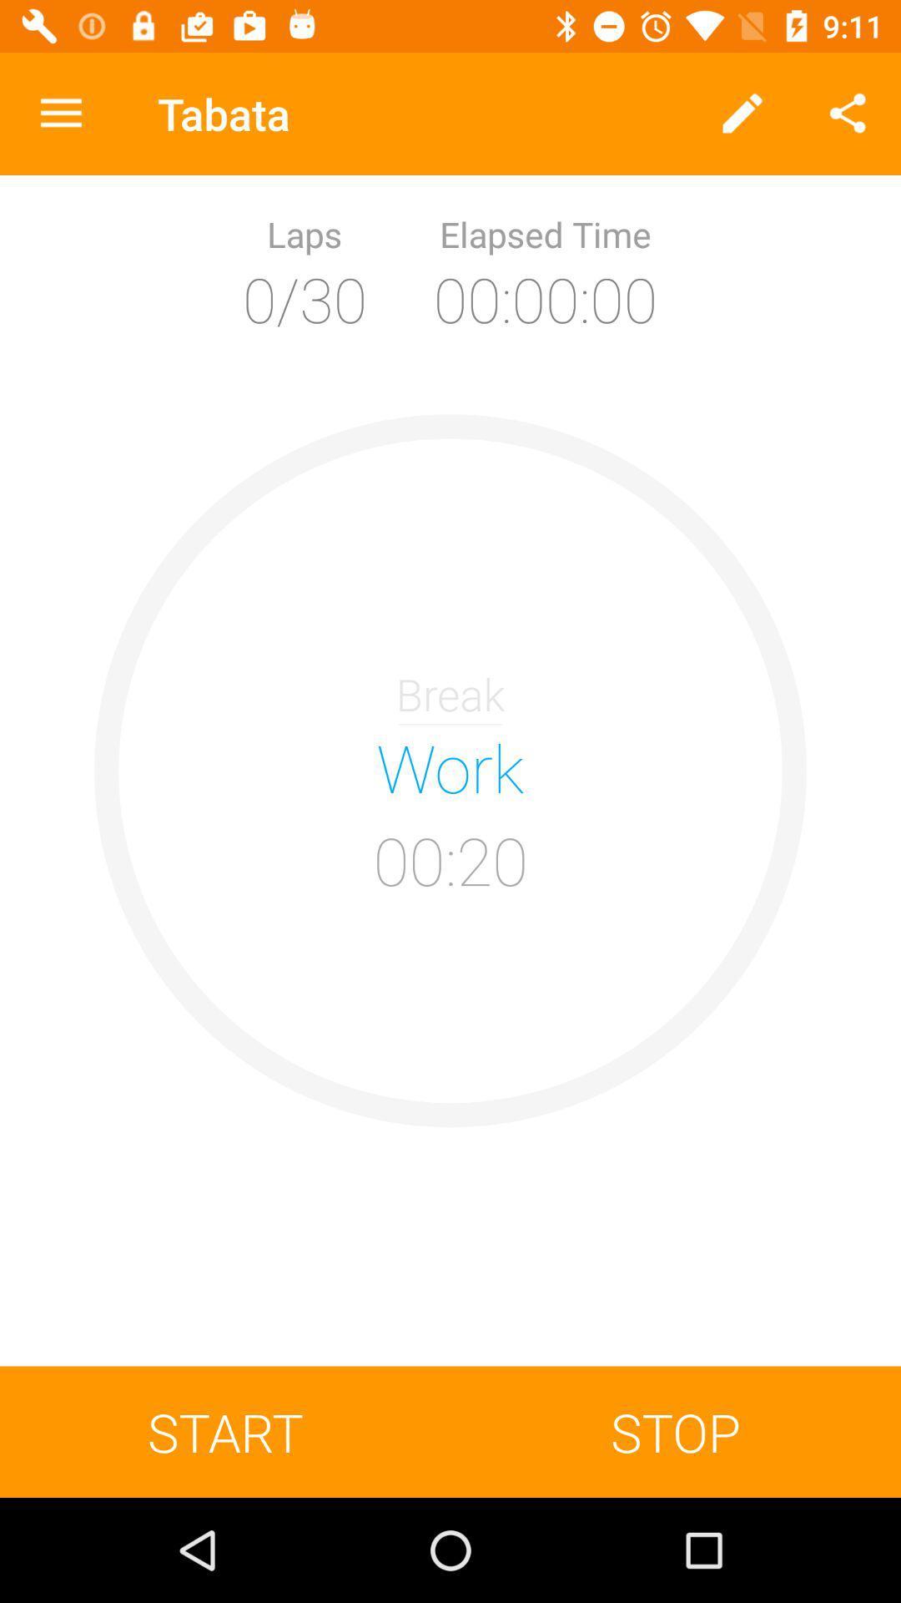 This screenshot has width=901, height=1603. I want to click on the item to the left of stop, so click(225, 1431).